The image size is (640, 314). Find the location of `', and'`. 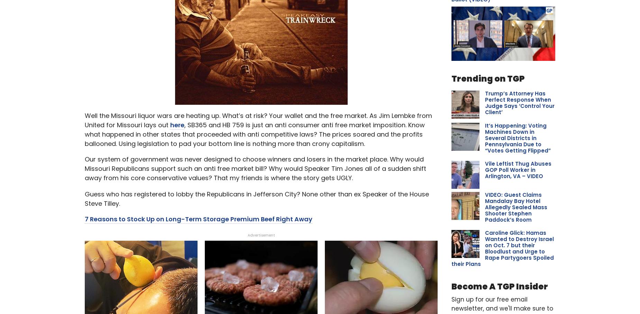

', and' is located at coordinates (185, 70).